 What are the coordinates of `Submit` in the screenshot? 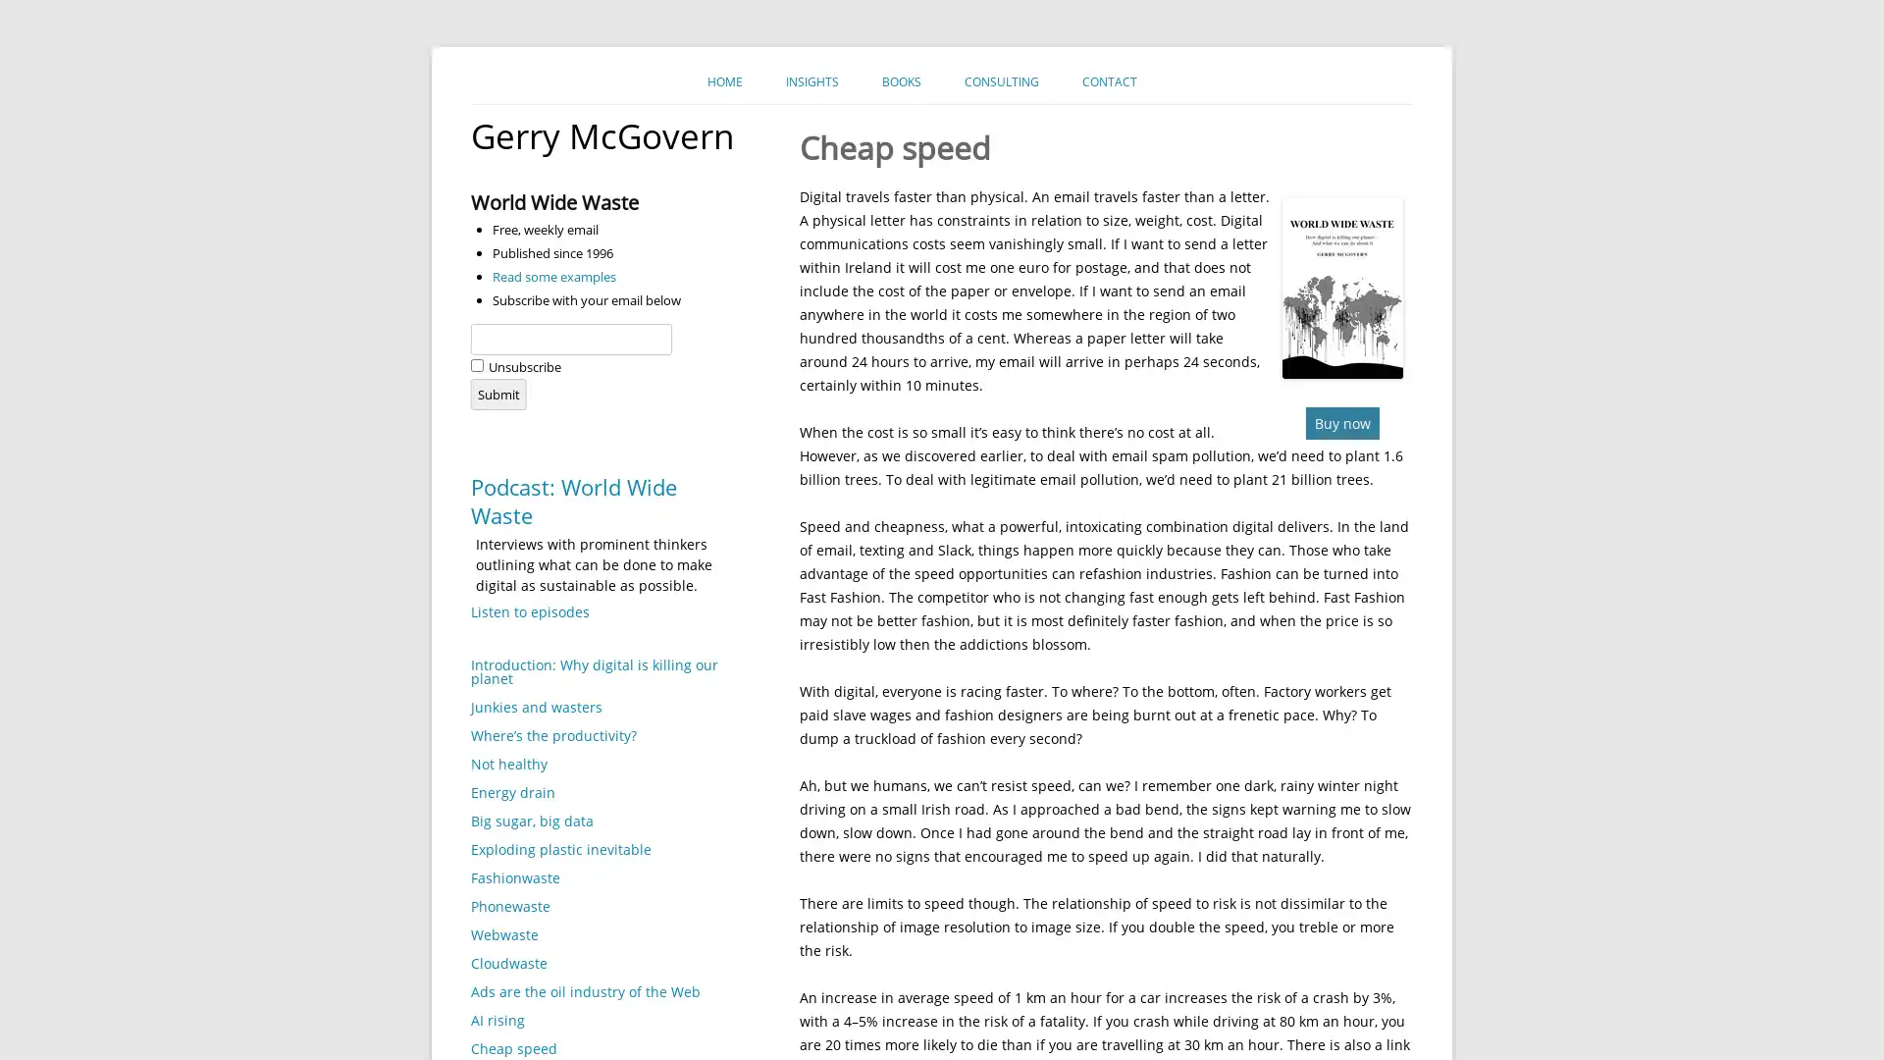 It's located at (498, 394).